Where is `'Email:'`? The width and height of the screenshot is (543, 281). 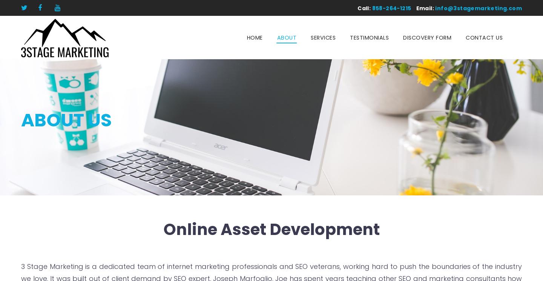 'Email:' is located at coordinates (425, 8).